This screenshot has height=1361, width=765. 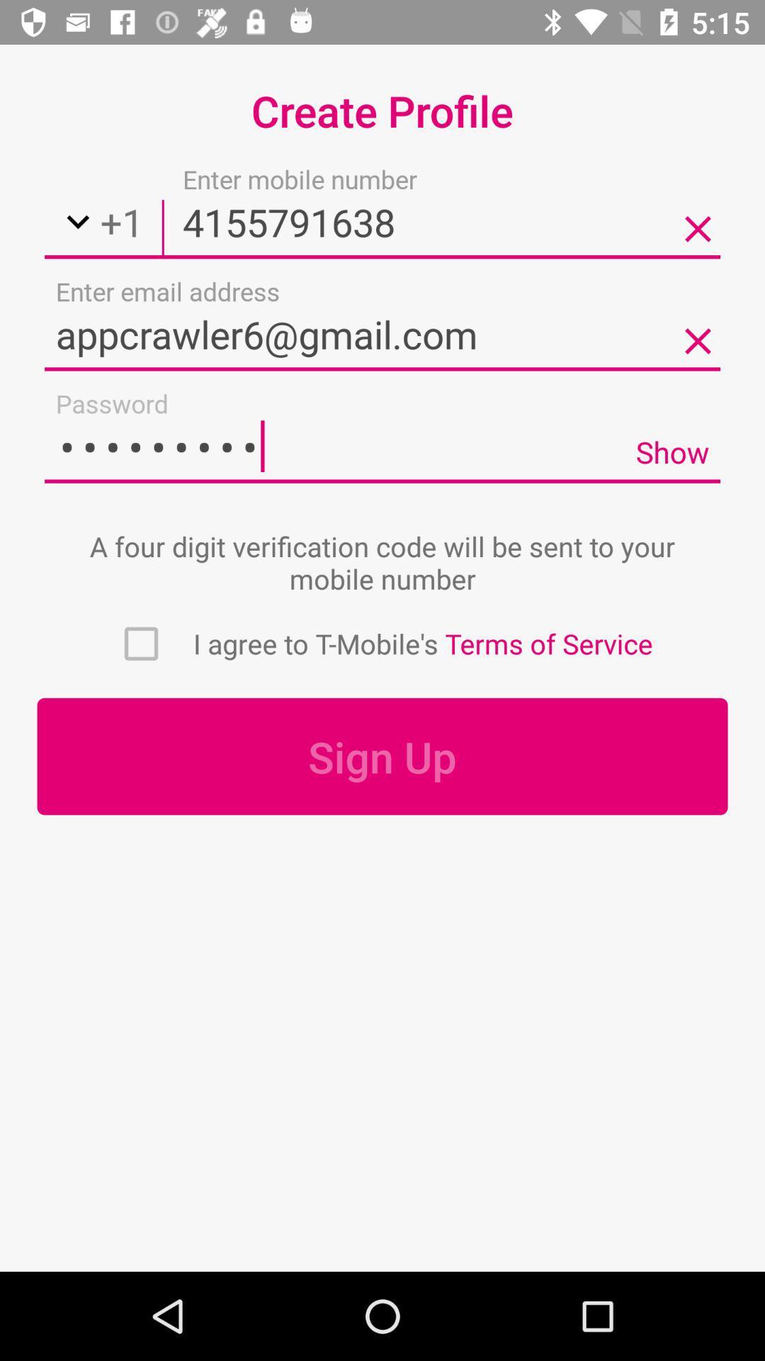 What do you see at coordinates (141, 643) in the screenshot?
I see `free dictionary` at bounding box center [141, 643].